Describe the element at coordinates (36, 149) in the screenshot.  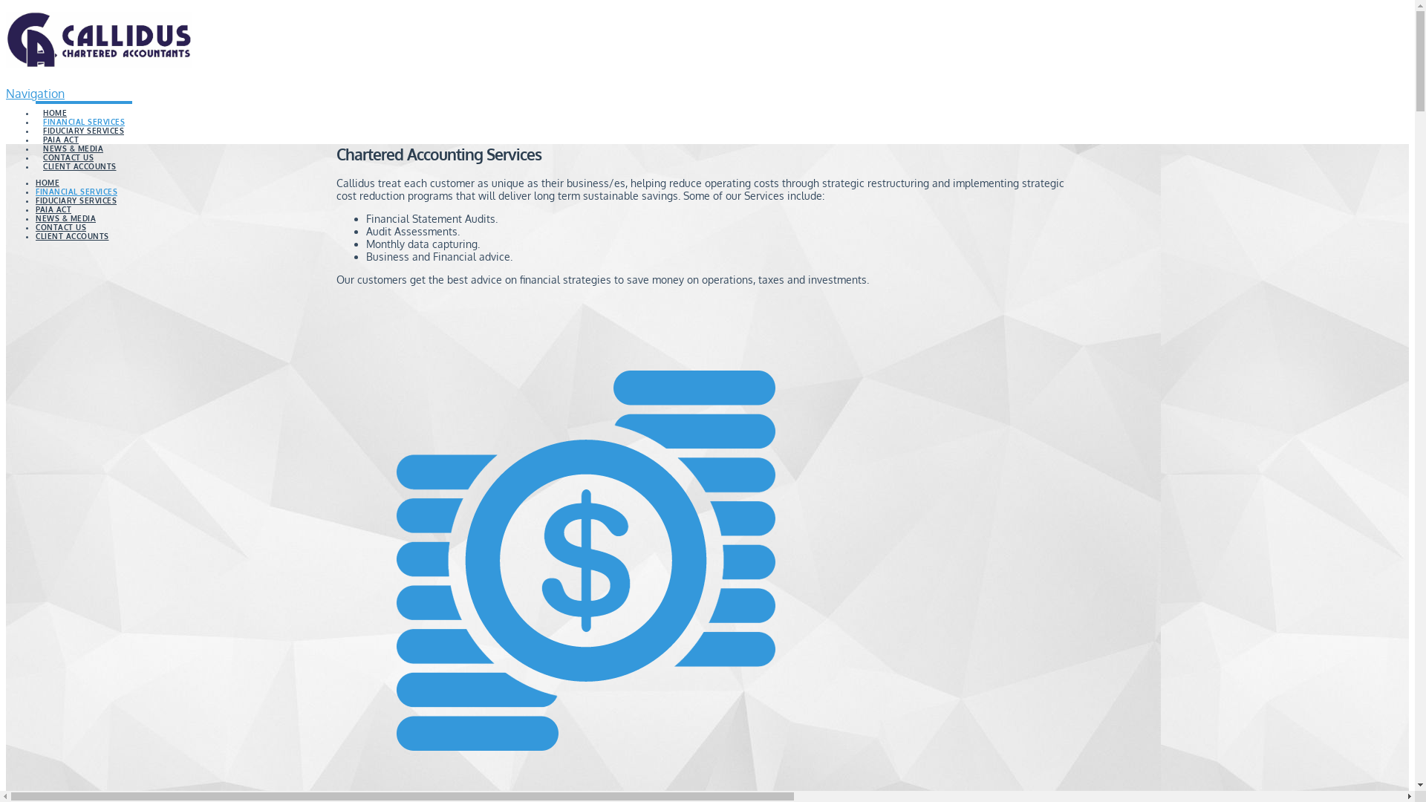
I see `'CONTACT US'` at that location.